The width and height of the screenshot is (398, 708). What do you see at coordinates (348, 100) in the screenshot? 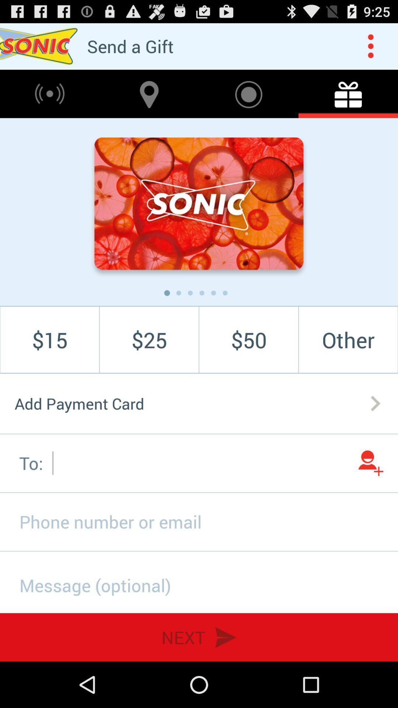
I see `the date_range icon` at bounding box center [348, 100].